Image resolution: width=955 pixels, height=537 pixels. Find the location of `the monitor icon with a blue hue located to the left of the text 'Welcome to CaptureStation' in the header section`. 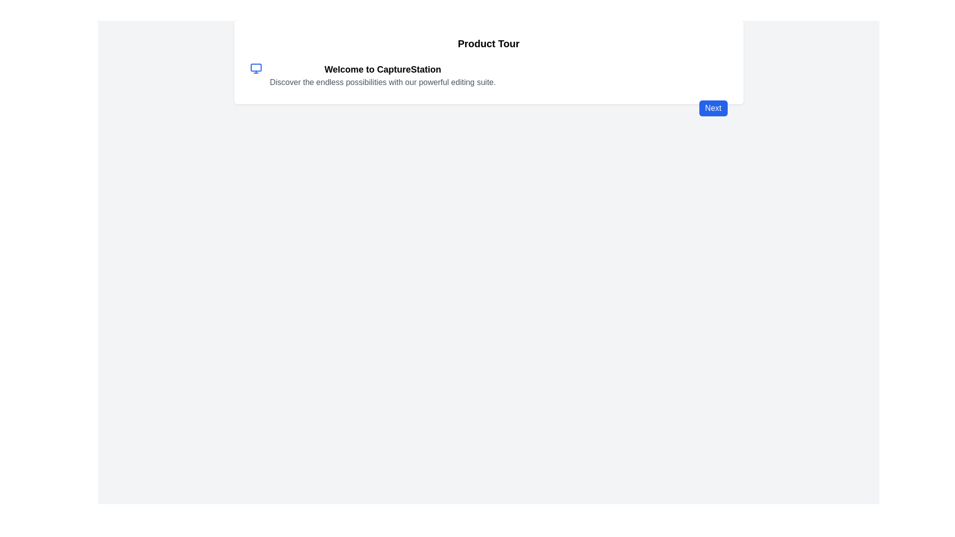

the monitor icon with a blue hue located to the left of the text 'Welcome to CaptureStation' in the header section is located at coordinates (256, 68).